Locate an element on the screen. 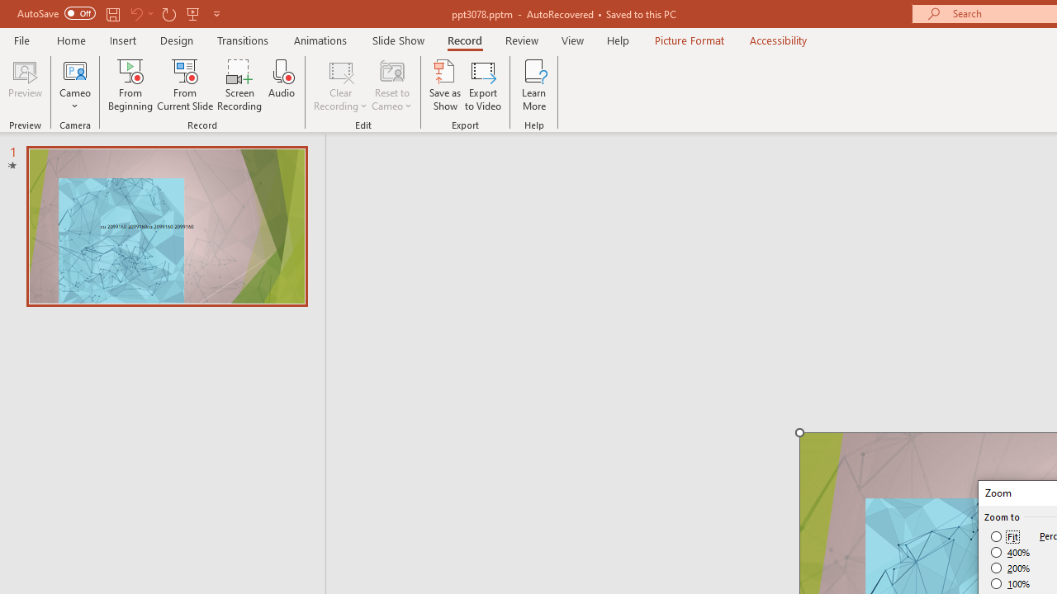  '400%' is located at coordinates (1010, 552).